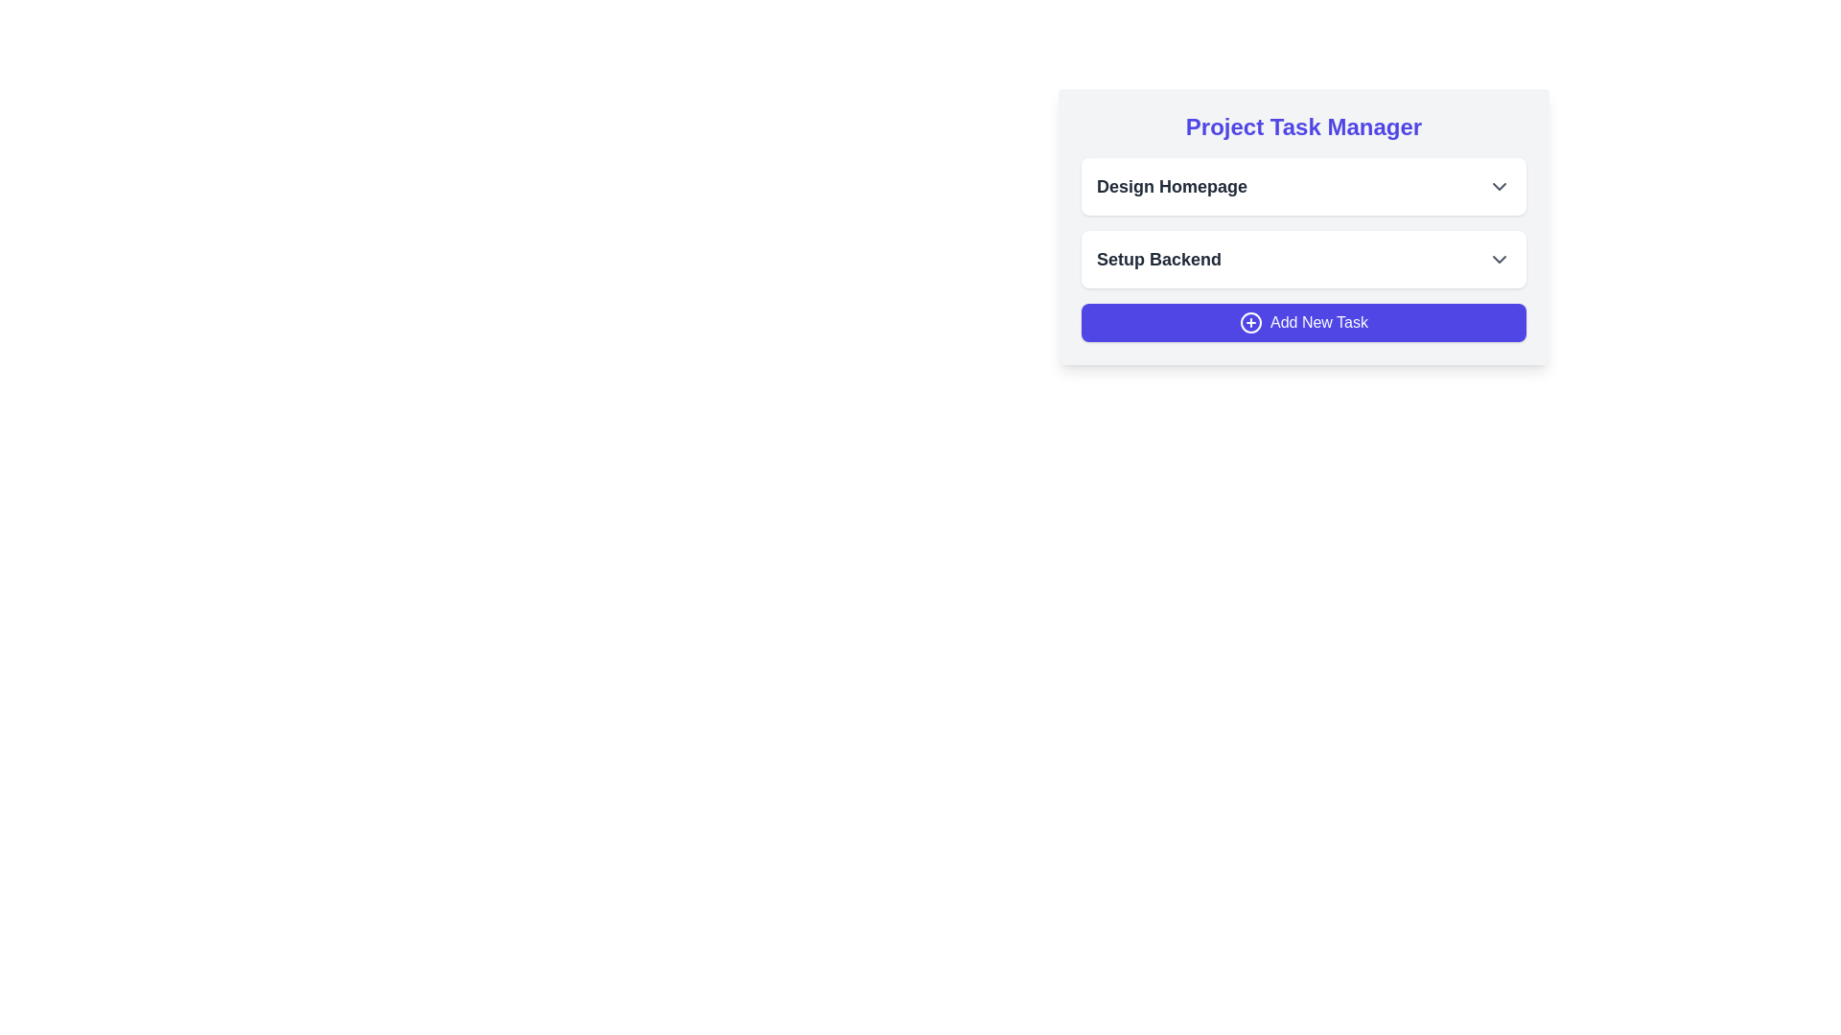 This screenshot has height=1035, width=1841. I want to click on the circular SVG element that is part of the 'Add New Task' button located at the bottom right of the task list panel by clicking on it, so click(1251, 321).